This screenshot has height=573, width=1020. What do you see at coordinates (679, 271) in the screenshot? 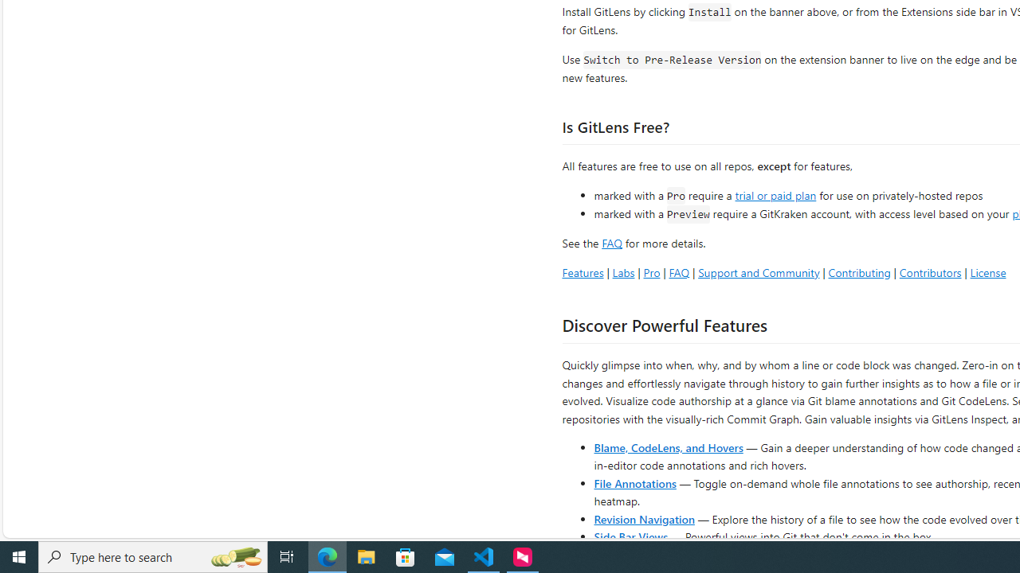
I see `'FAQ'` at bounding box center [679, 271].